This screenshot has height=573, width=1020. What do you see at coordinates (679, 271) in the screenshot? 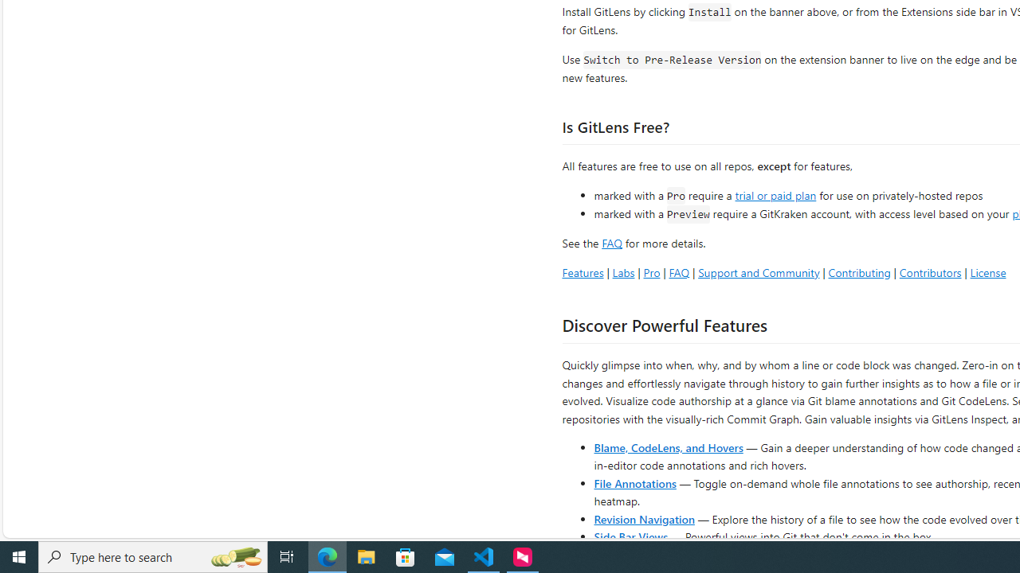
I see `'FAQ'` at bounding box center [679, 271].